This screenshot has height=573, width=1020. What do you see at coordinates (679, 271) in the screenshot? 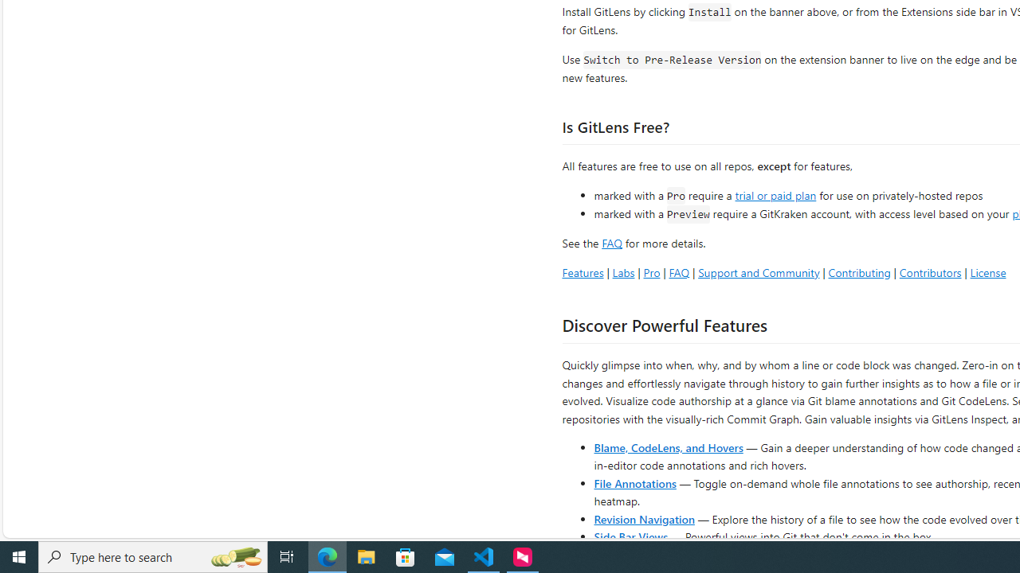
I see `'FAQ'` at bounding box center [679, 271].